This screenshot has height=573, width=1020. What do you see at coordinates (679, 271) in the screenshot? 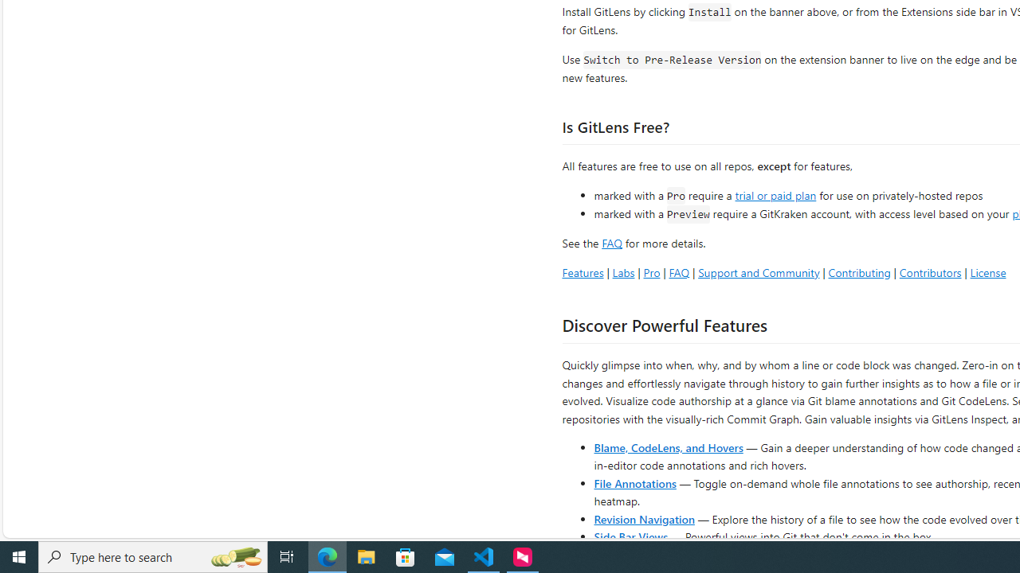
I see `'FAQ'` at bounding box center [679, 271].